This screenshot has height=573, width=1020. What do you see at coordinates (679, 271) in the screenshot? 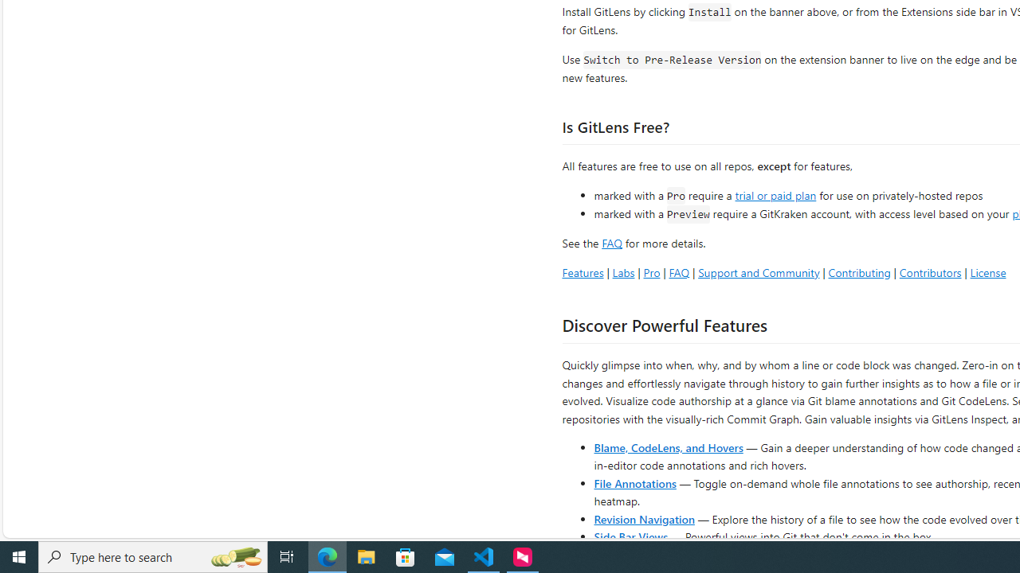
I see `'FAQ'` at bounding box center [679, 271].